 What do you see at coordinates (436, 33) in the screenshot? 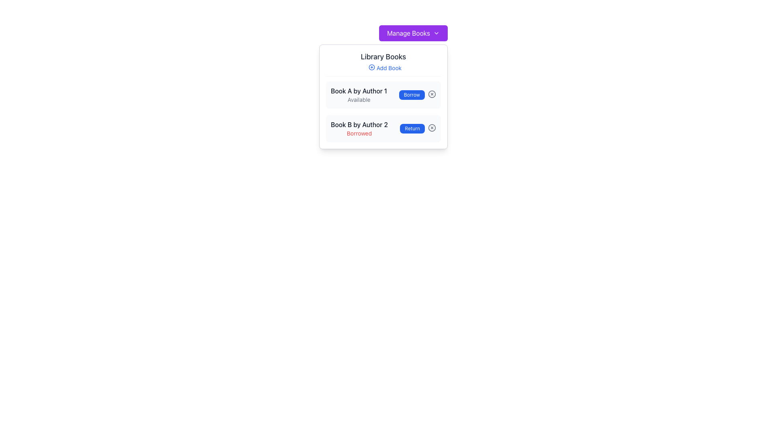
I see `the icon located to the right of the 'Manage Books' button to receive visual feedback` at bounding box center [436, 33].